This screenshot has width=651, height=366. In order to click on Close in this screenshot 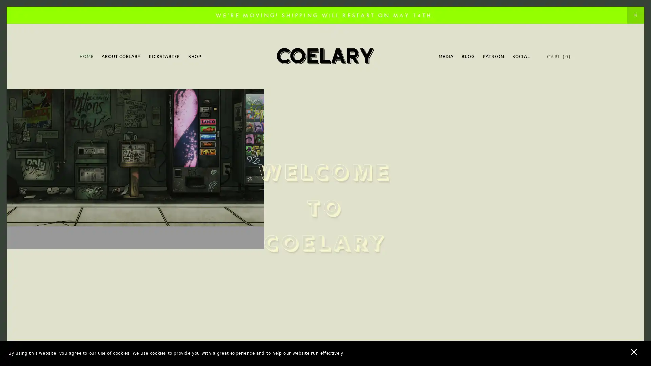, I will do `click(444, 79)`.